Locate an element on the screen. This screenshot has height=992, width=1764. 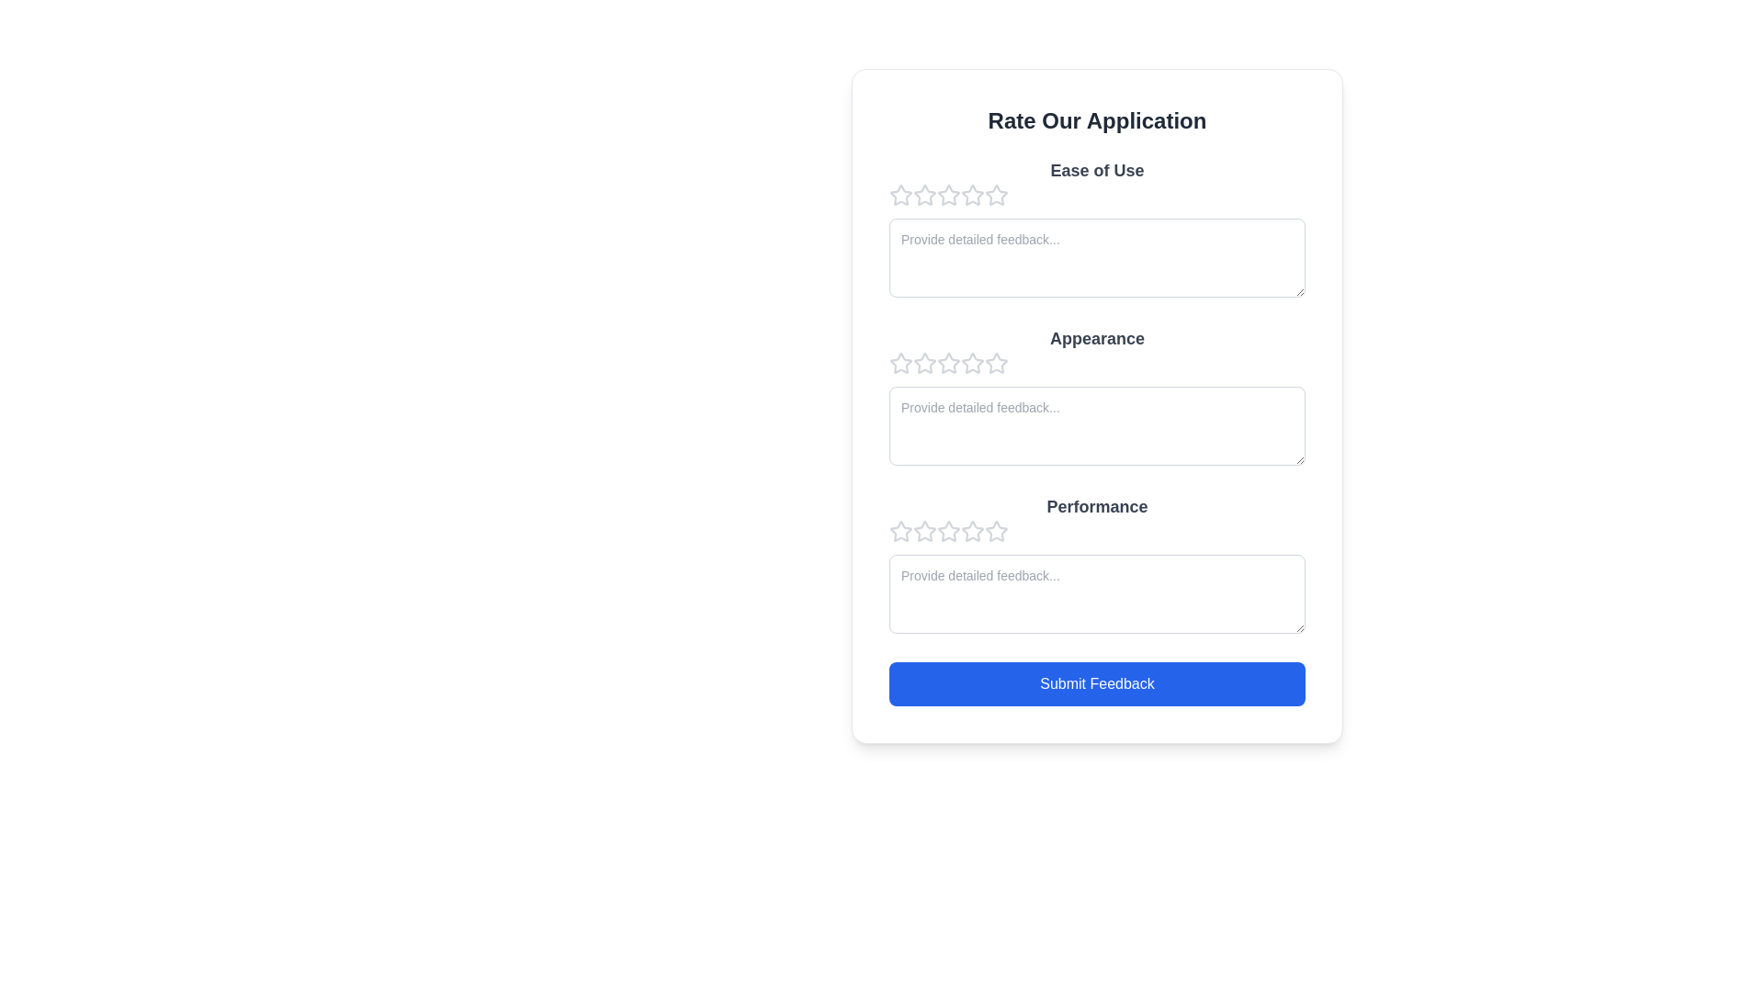
the second star icon in the Performance section is located at coordinates (925, 531).